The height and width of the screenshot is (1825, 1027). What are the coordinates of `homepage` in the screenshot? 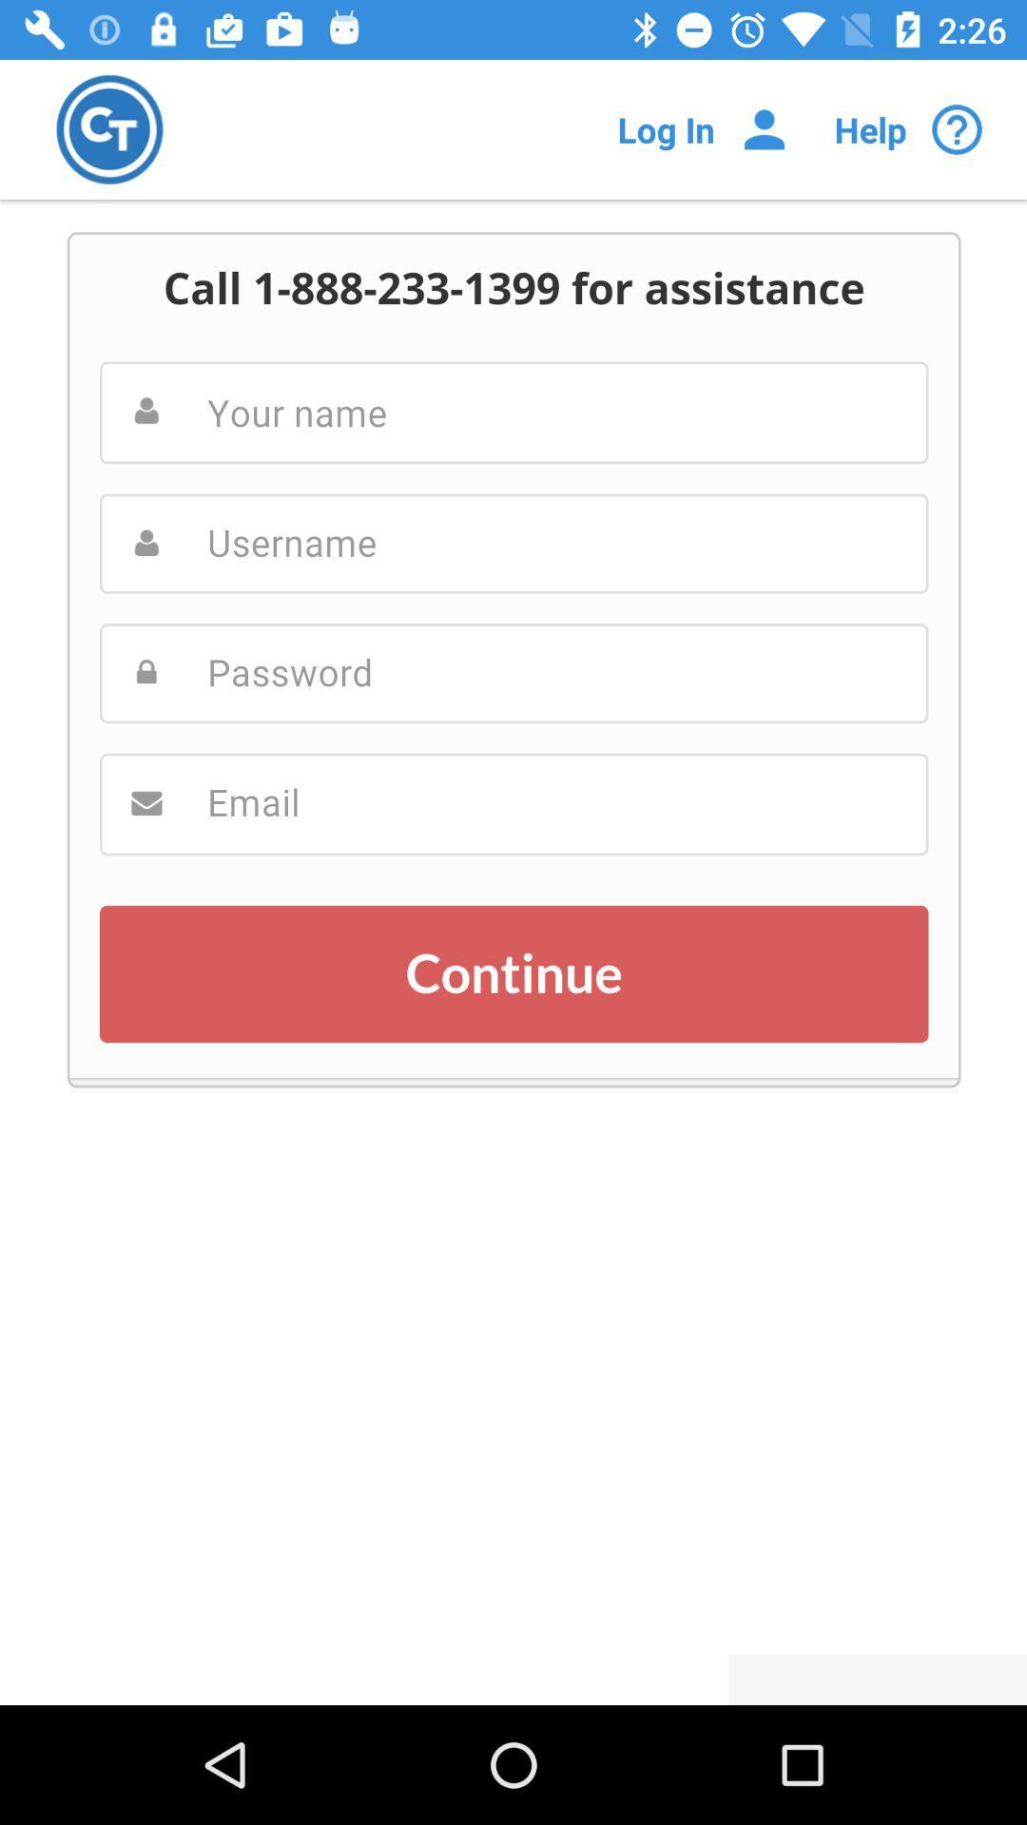 It's located at (109, 128).